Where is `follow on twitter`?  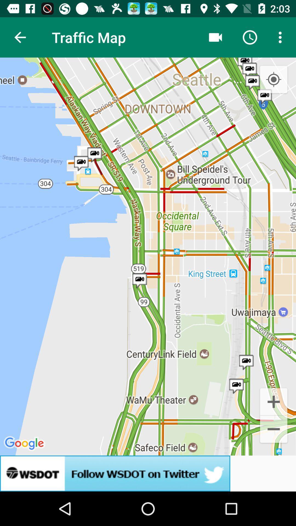 follow on twitter is located at coordinates (148, 473).